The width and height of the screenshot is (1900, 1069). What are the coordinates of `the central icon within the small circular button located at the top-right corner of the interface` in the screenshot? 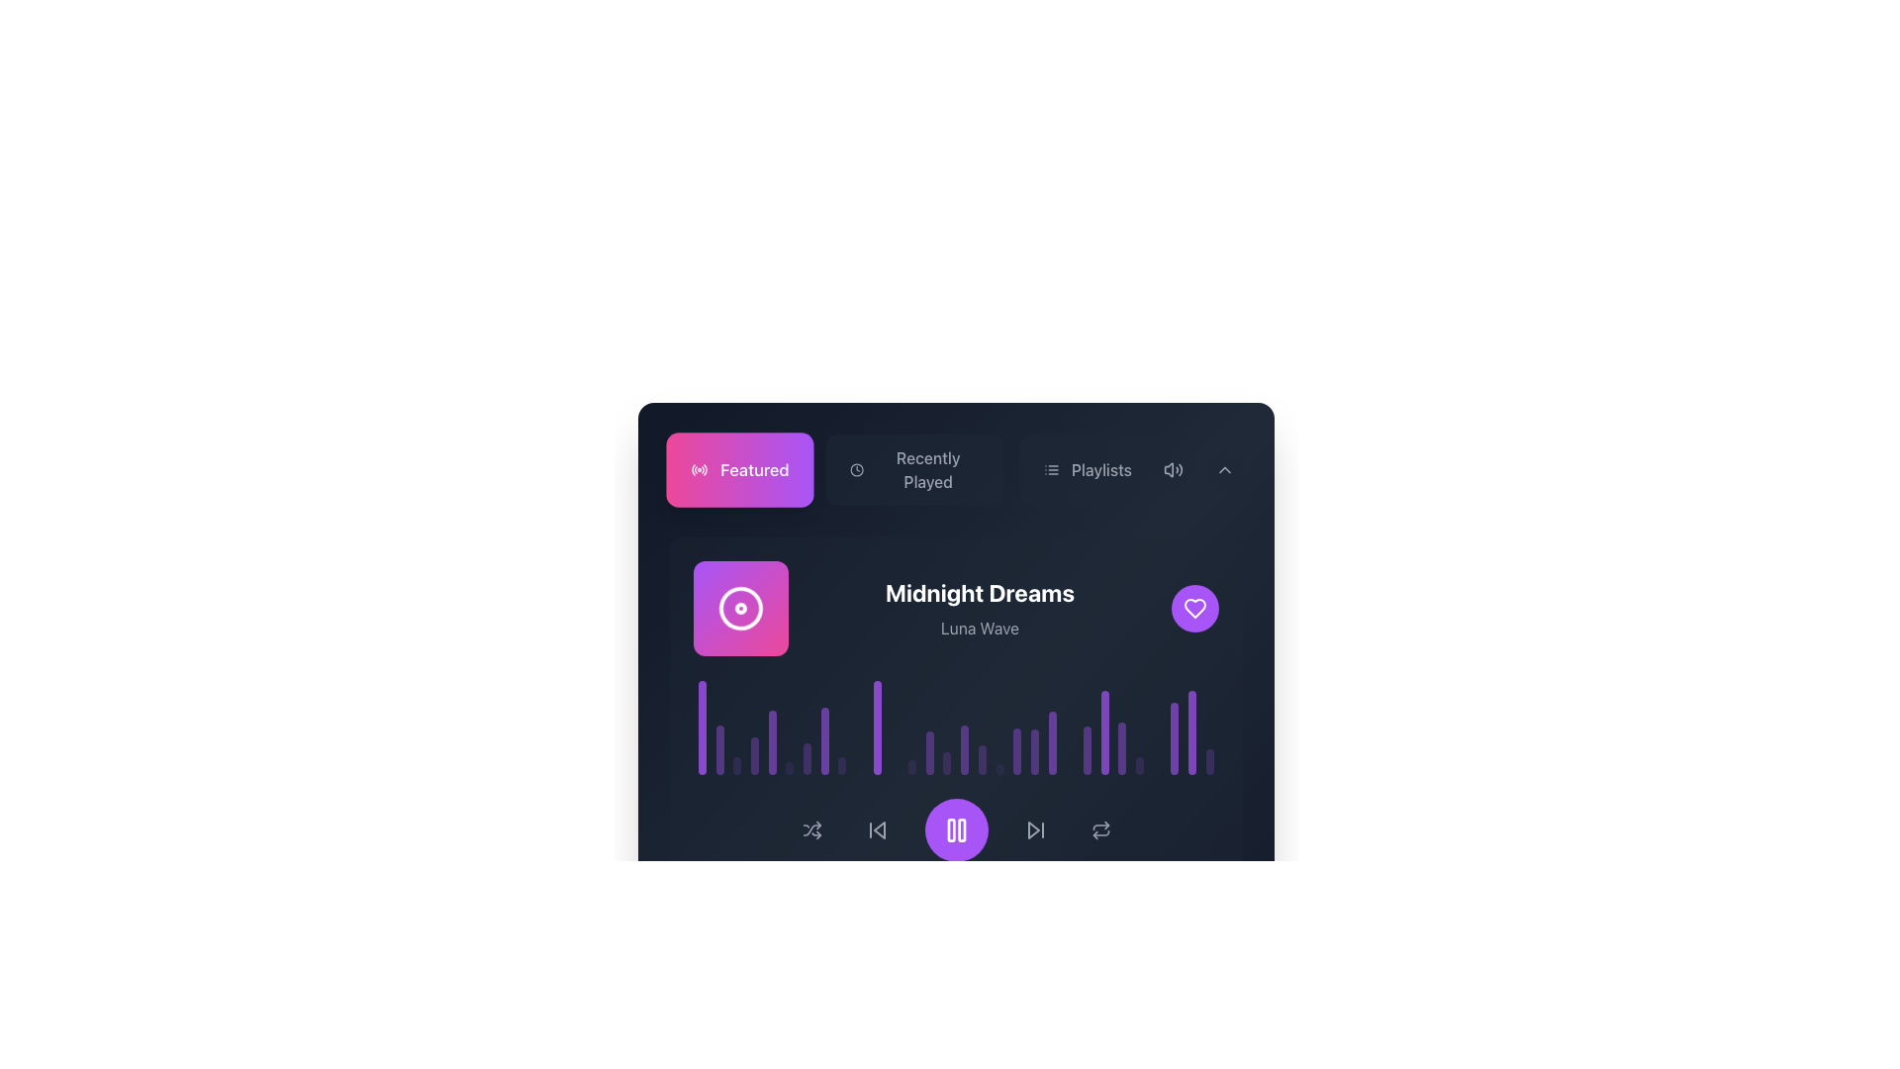 It's located at (1224, 469).